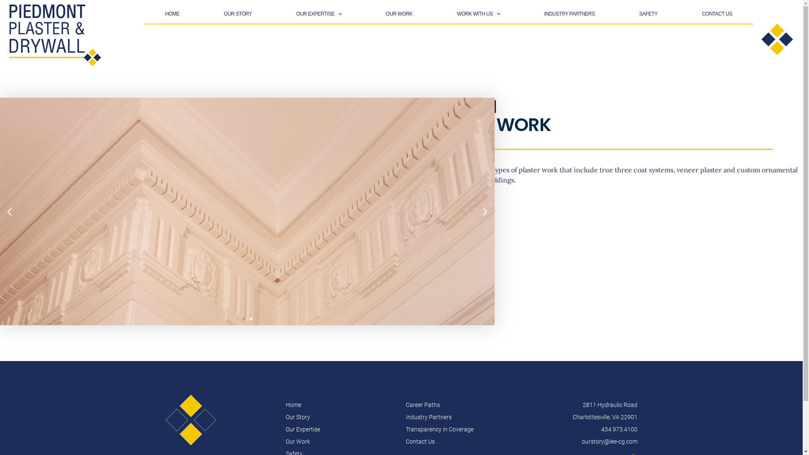 The image size is (809, 455). Describe the element at coordinates (461, 404) in the screenshot. I see `'Career Paths'` at that location.